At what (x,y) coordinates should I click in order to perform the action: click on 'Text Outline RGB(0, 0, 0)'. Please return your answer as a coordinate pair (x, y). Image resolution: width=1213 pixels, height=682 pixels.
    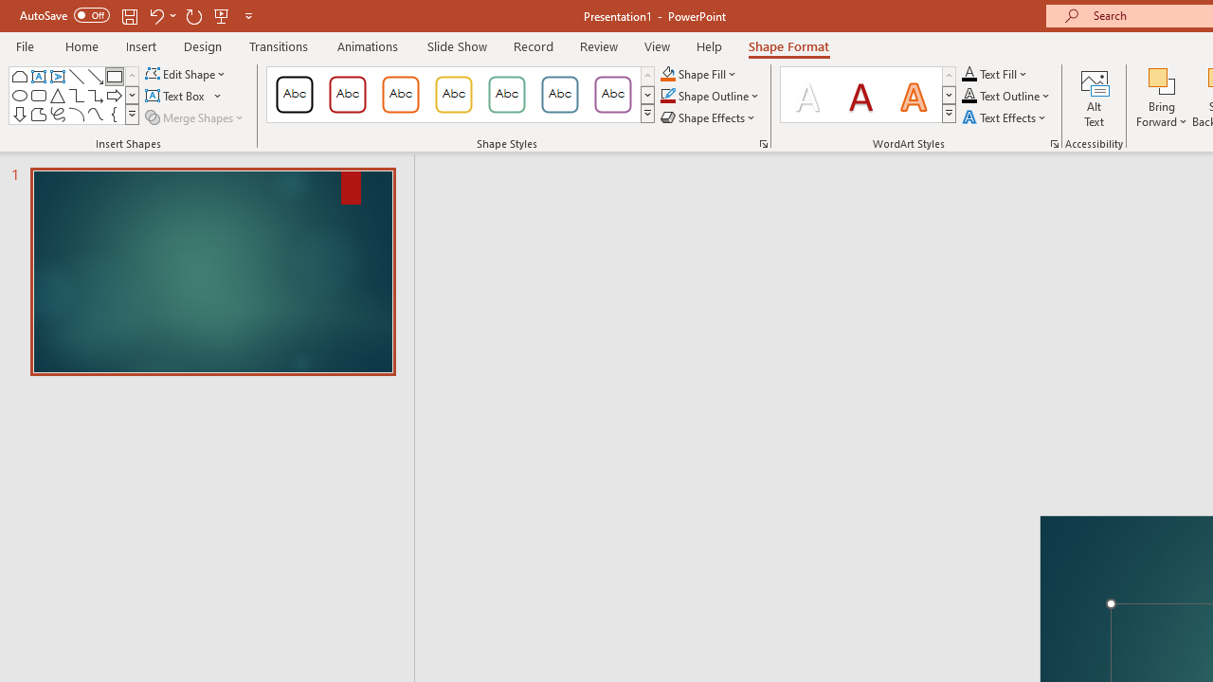
    Looking at the image, I should click on (969, 96).